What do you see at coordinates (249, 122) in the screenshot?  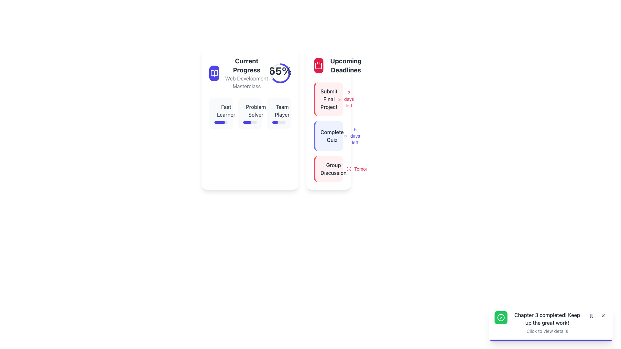 I see `progress bar that visually represents completion progress for the 'Problem Solver' metric, located below the 'Problem Solver' label in the 'Current Progress' panel` at bounding box center [249, 122].